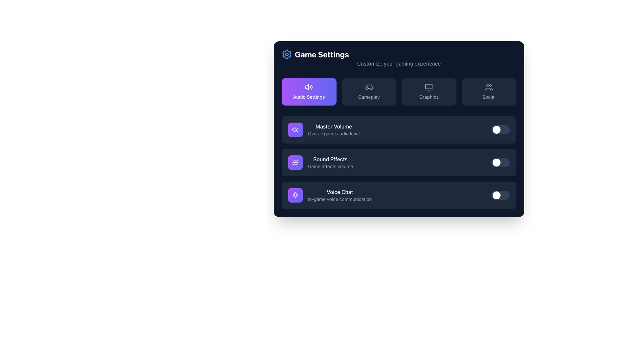  What do you see at coordinates (489, 87) in the screenshot?
I see `the user community icon, which is represented by two overlapping silhouettes, located within the 'Social' button at the top-right of the interface` at bounding box center [489, 87].